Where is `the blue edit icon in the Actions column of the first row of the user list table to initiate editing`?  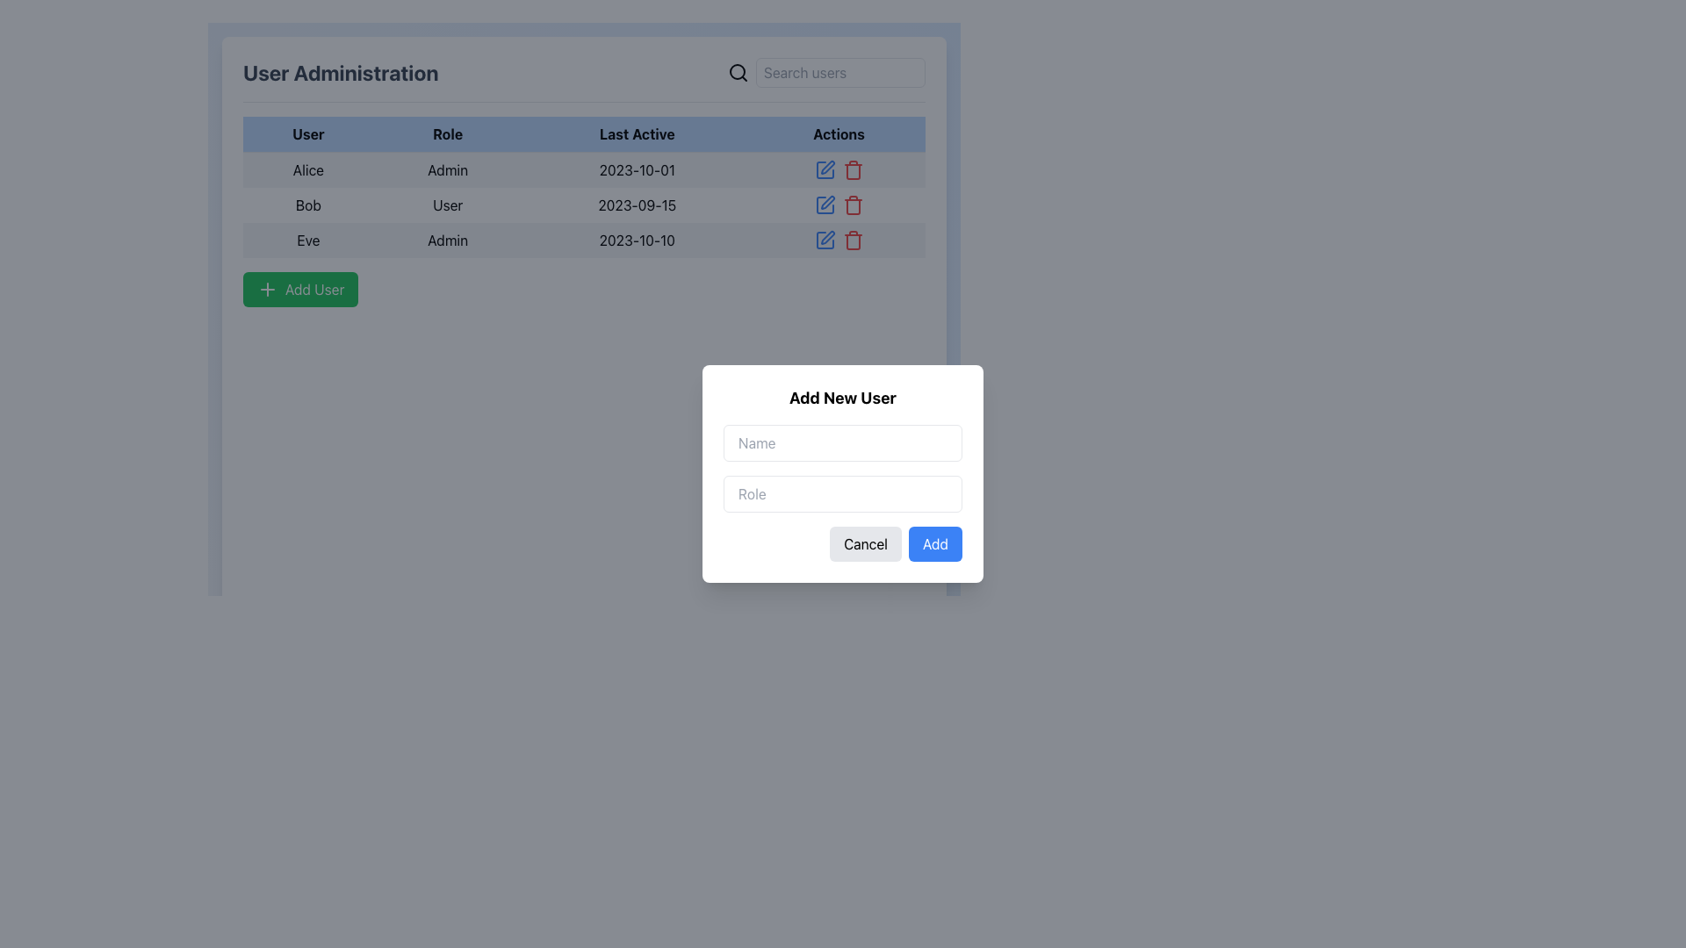 the blue edit icon in the Actions column of the first row of the user list table to initiate editing is located at coordinates (838, 169).